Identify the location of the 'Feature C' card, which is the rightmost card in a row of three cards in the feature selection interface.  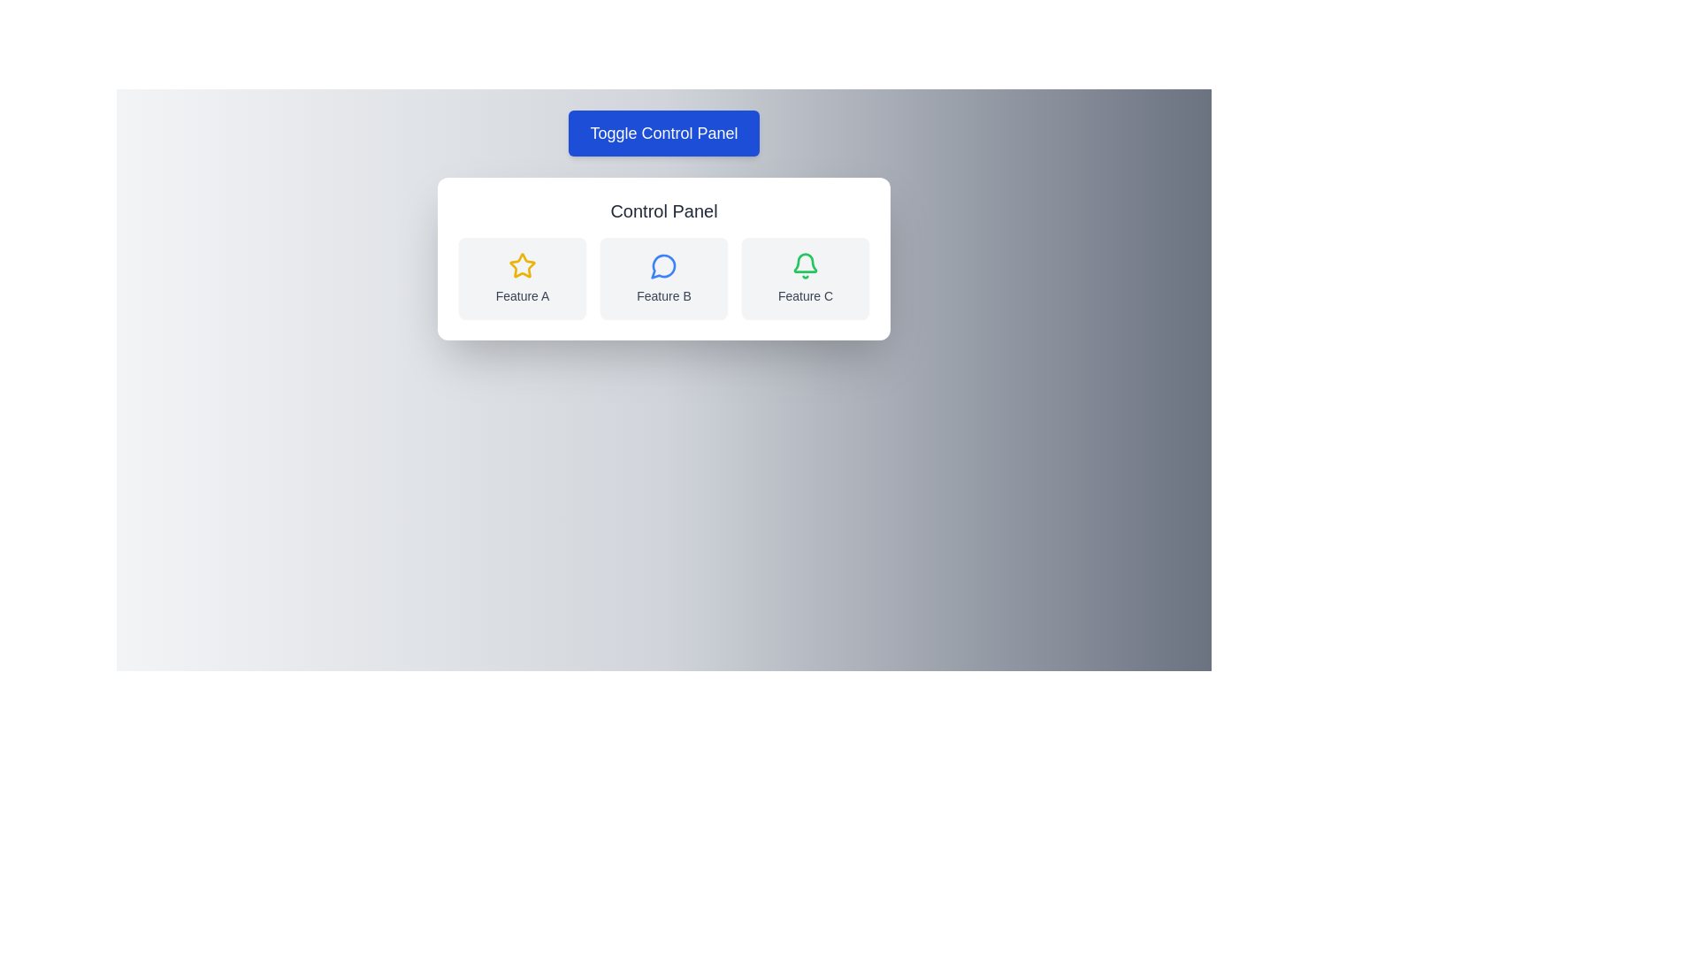
(805, 279).